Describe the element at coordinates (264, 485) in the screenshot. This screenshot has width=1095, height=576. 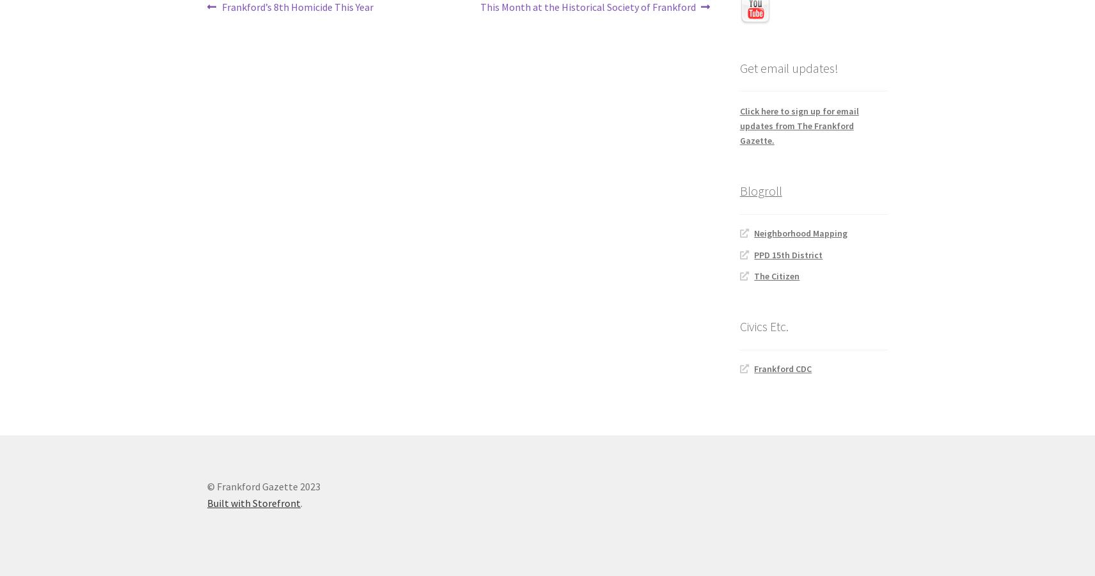
I see `'© Frankford Gazette 2023'` at that location.